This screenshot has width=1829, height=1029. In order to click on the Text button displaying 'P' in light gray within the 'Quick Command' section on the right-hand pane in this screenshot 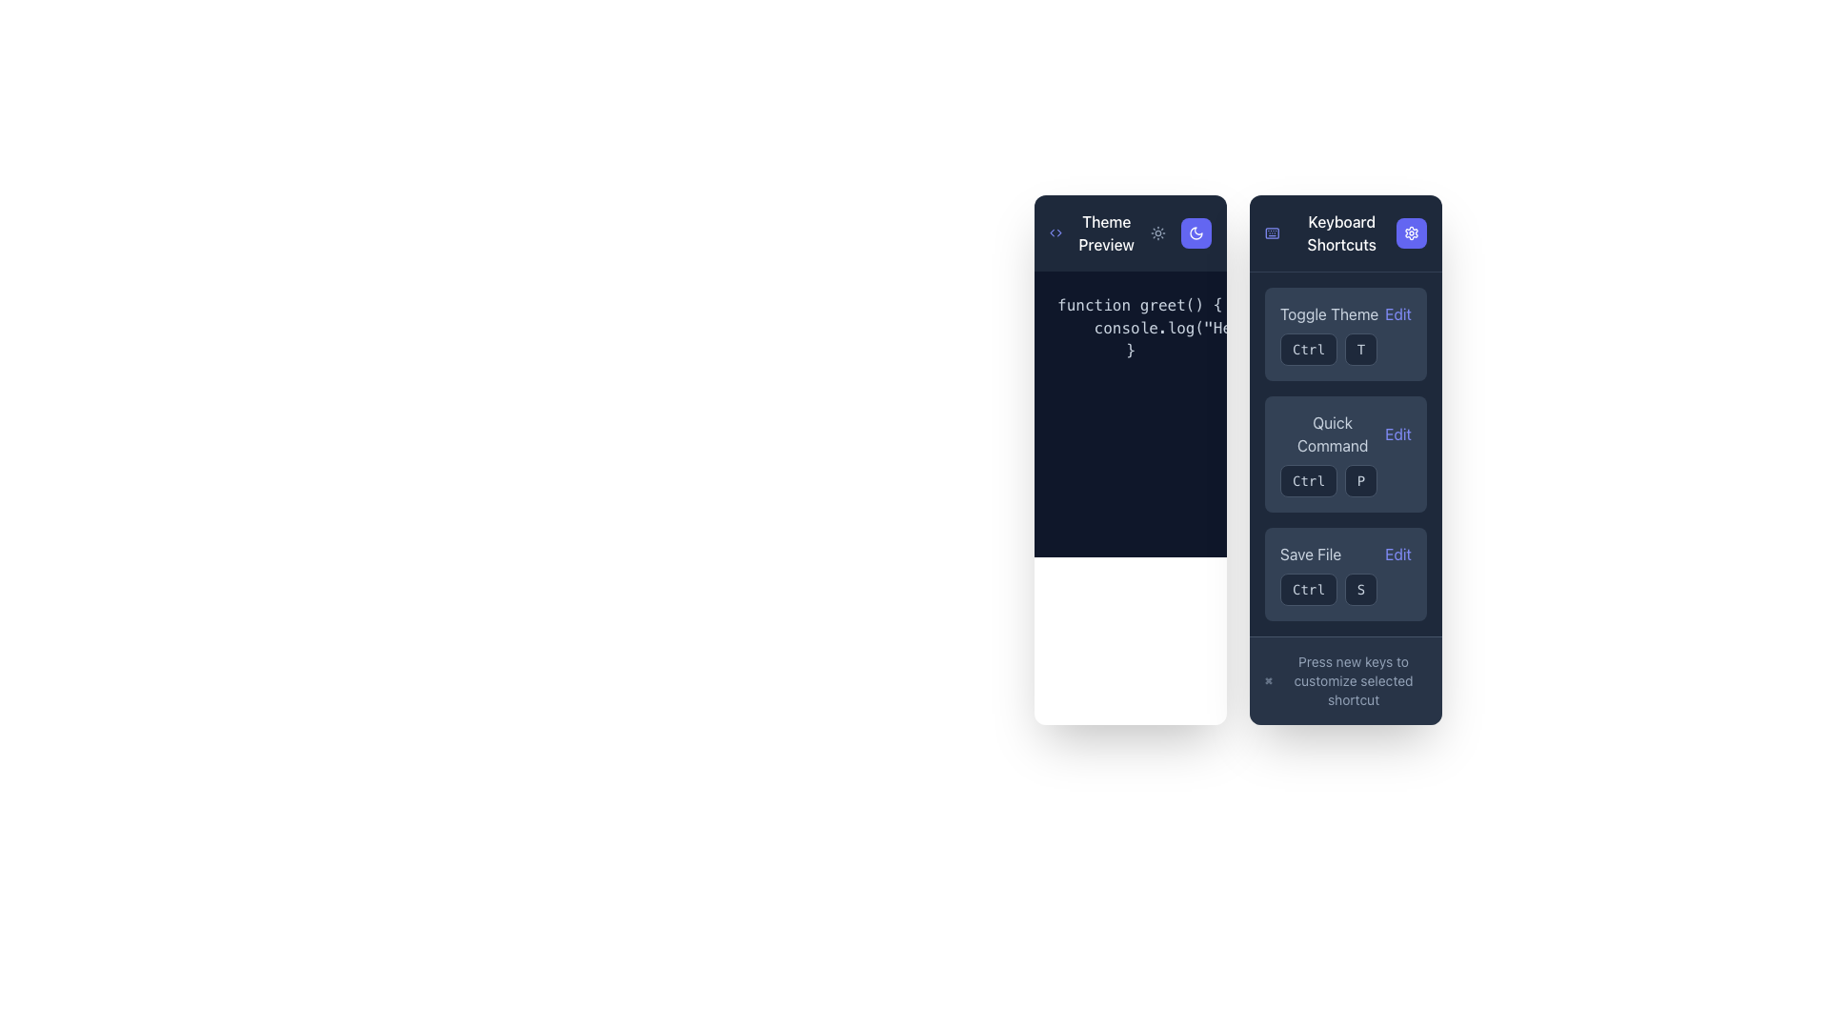, I will do `click(1359, 480)`.